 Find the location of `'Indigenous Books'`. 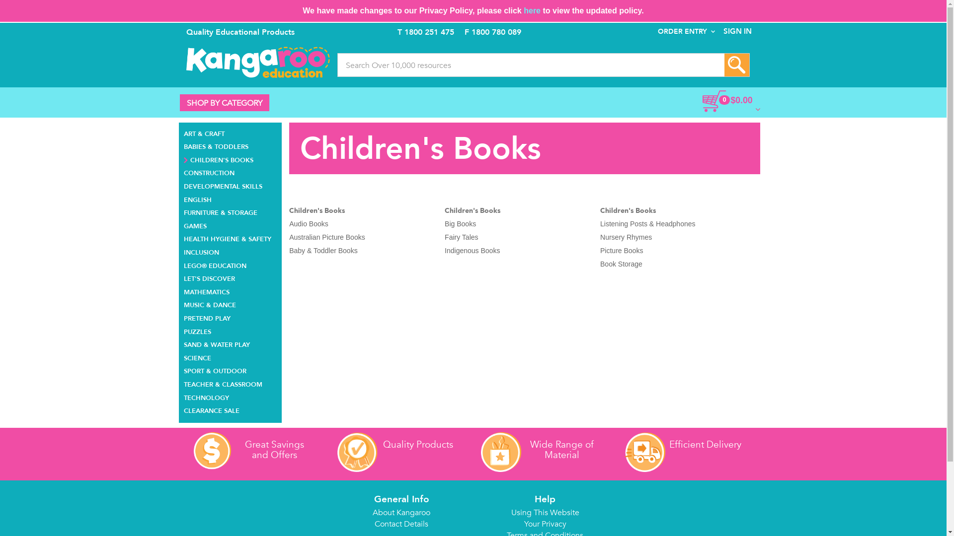

'Indigenous Books' is located at coordinates (472, 250).